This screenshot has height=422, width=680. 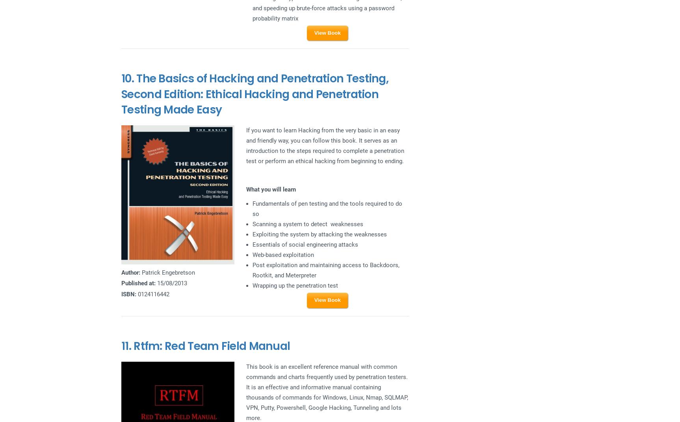 I want to click on '15/08/2013', so click(x=171, y=283).